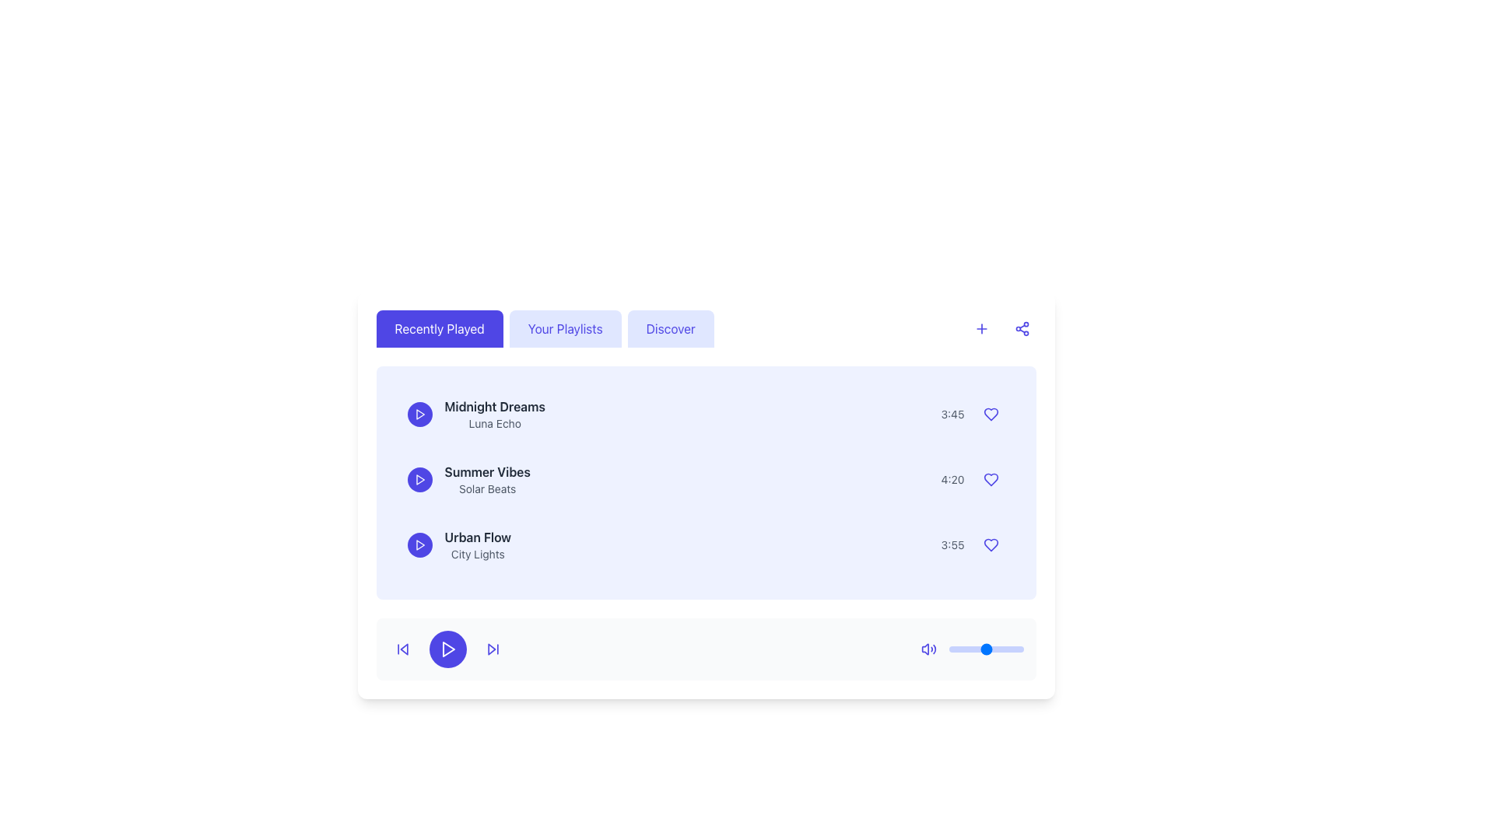 This screenshot has width=1494, height=840. What do you see at coordinates (492, 649) in the screenshot?
I see `the 'Skip Forward' button located in the bottom-center control panel, which is the third button from the left` at bounding box center [492, 649].